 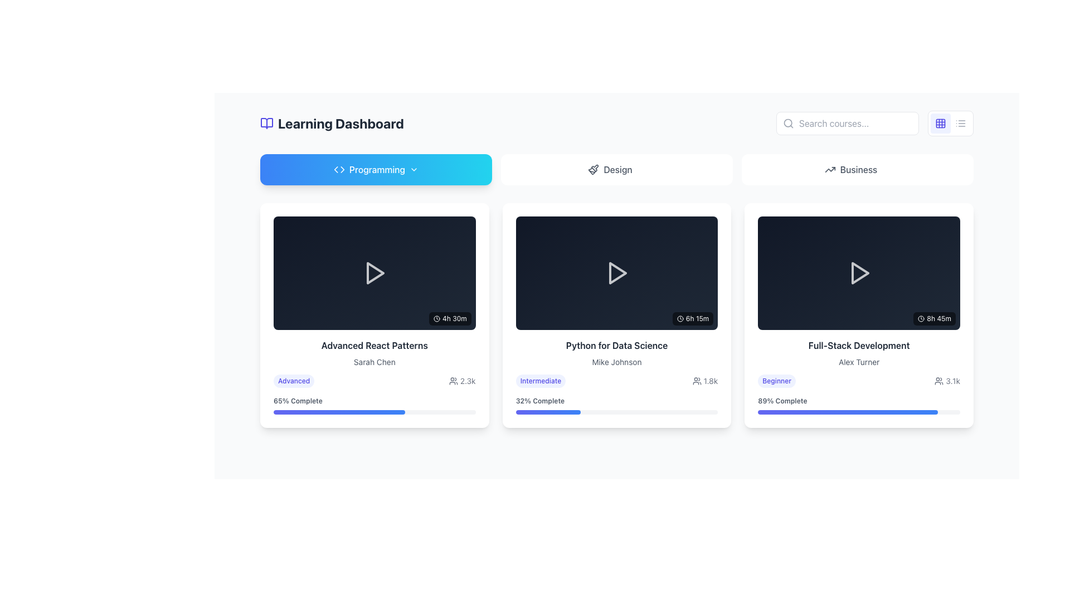 What do you see at coordinates (858, 412) in the screenshot?
I see `the progress visually displayed on the progress bar indicating 89% completion of the 'Full-Stack Development' course` at bounding box center [858, 412].